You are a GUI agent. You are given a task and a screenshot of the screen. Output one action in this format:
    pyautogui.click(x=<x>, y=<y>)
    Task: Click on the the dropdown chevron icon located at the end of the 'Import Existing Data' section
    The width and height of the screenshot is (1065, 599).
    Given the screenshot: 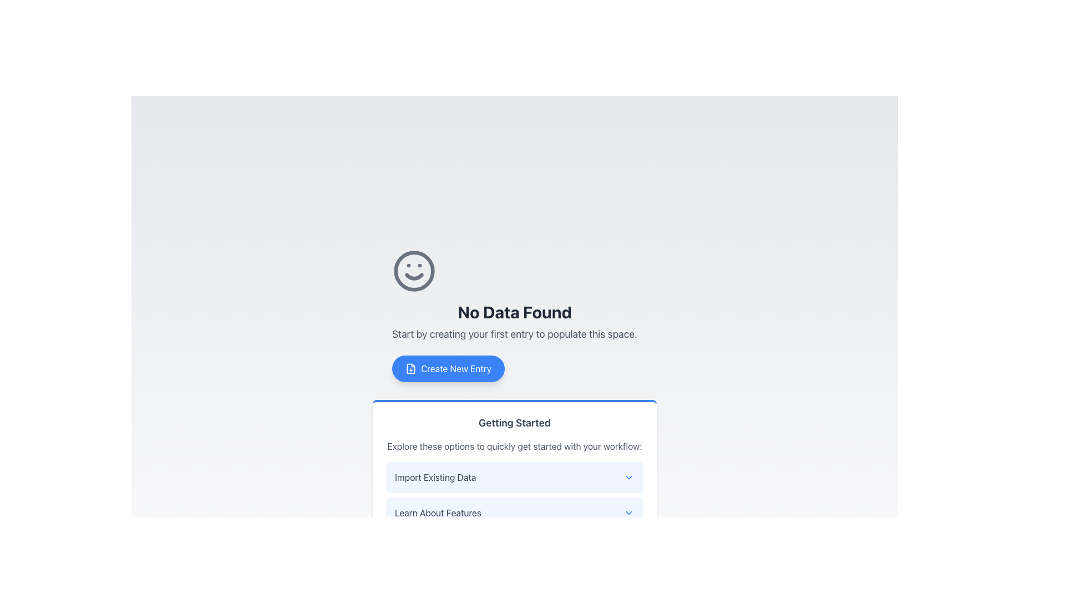 What is the action you would take?
    pyautogui.click(x=628, y=476)
    